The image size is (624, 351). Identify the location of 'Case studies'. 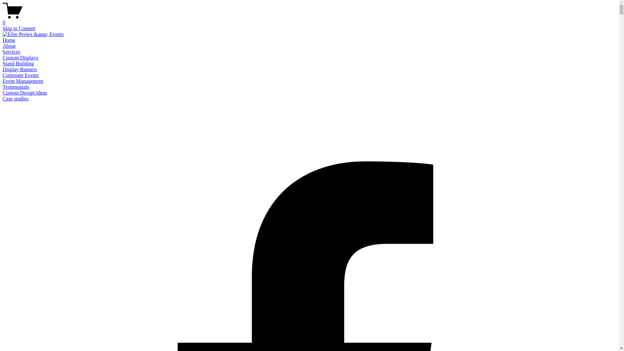
(16, 98).